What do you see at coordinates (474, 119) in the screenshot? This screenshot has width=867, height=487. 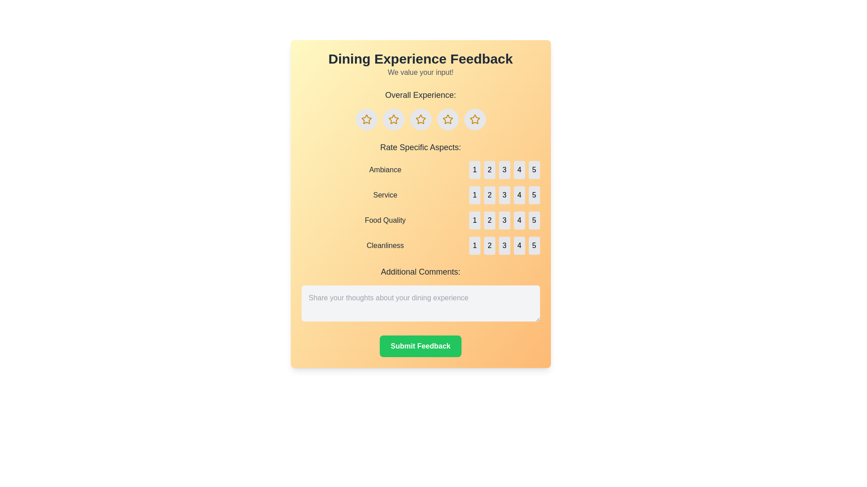 I see `the fifth star icon in the rating selector for the 'Overall Experience' section` at bounding box center [474, 119].